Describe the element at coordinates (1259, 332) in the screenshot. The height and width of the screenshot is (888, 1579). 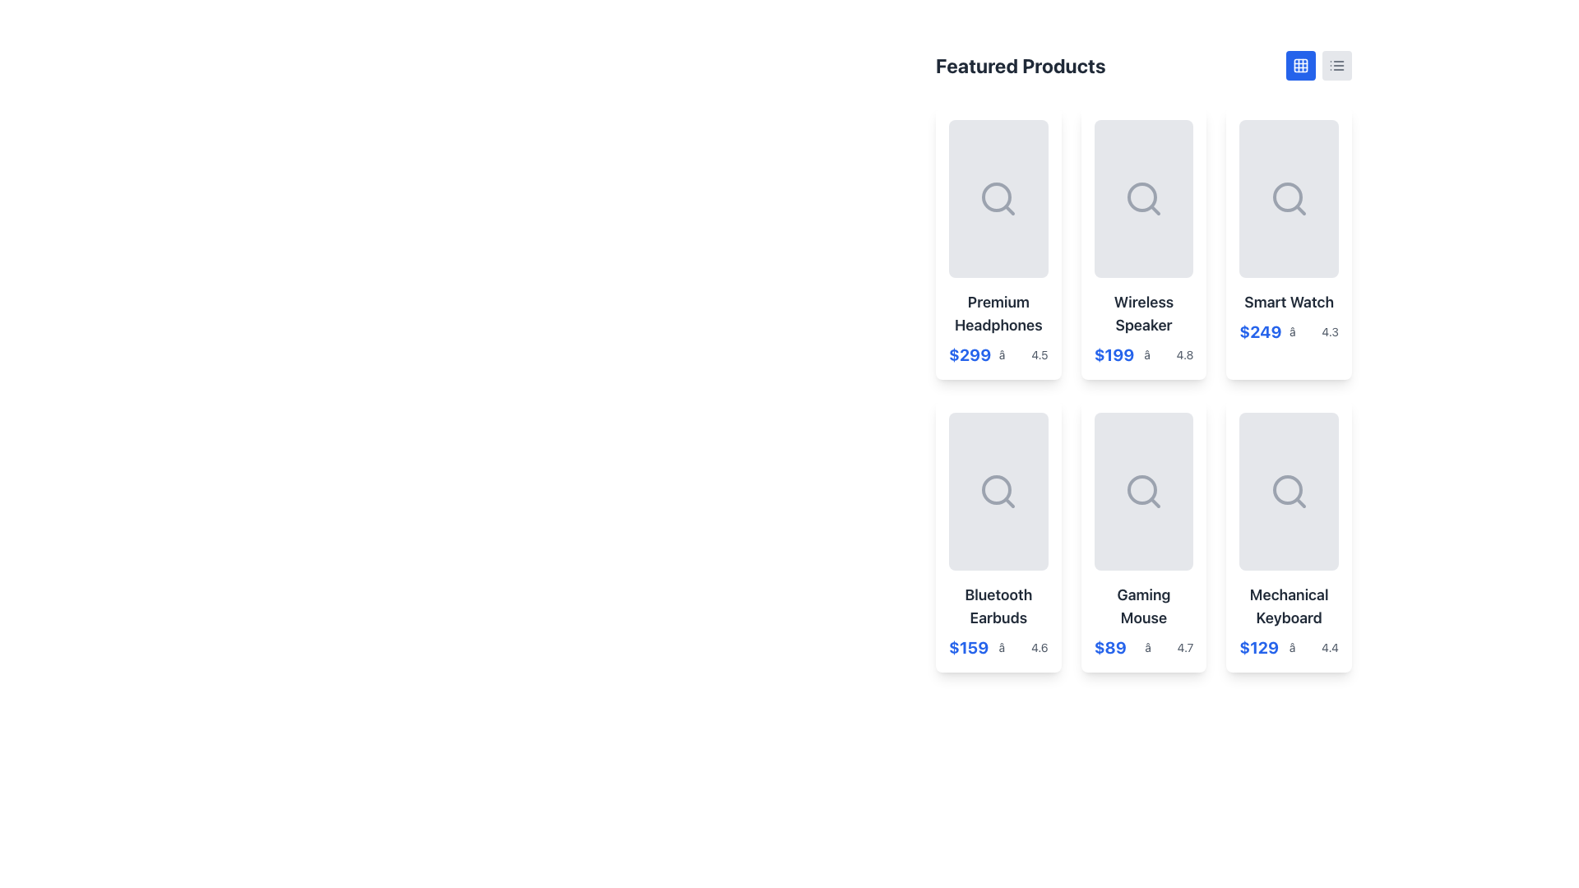
I see `the Text Label indicating the price of the 'Smart Watch' product, located in the middle card of the top row, below the product title and to the left of the rating information` at that location.